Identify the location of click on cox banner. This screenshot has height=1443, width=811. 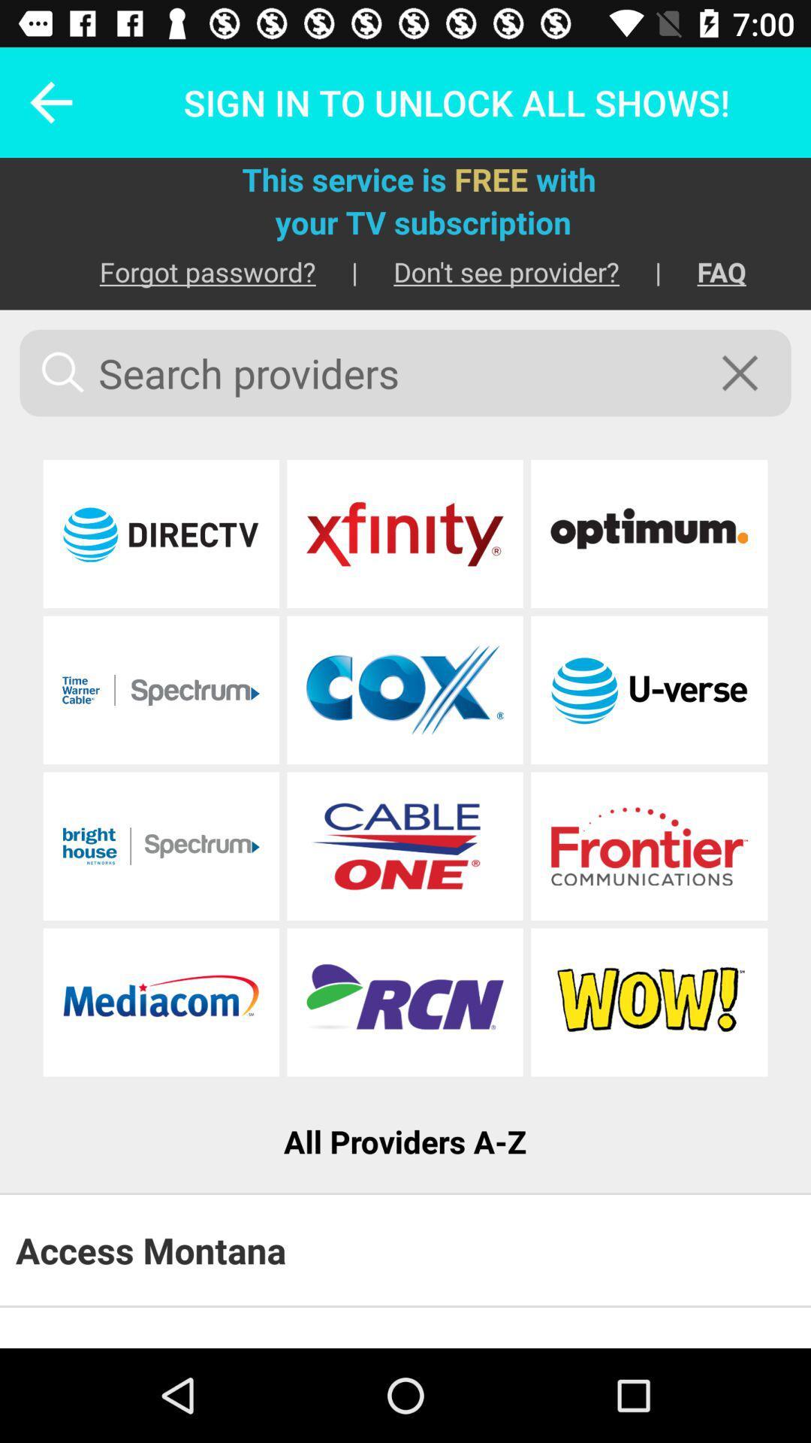
(404, 689).